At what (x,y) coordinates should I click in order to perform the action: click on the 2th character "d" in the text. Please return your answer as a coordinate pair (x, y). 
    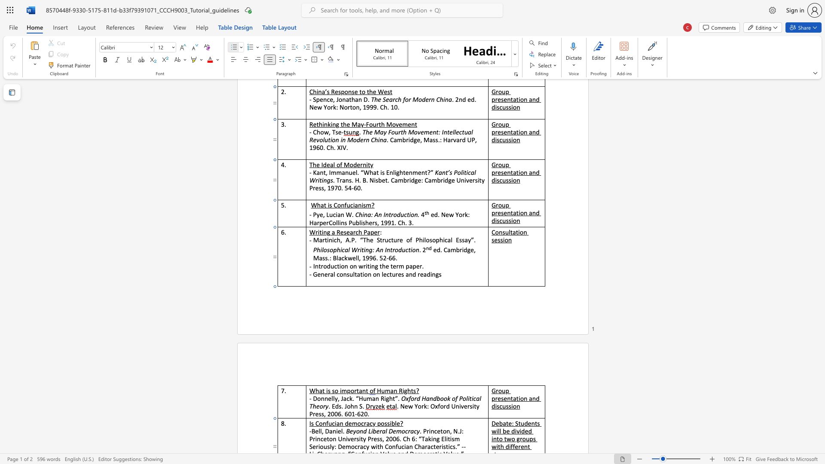
    Looking at the image, I should click on (428, 274).